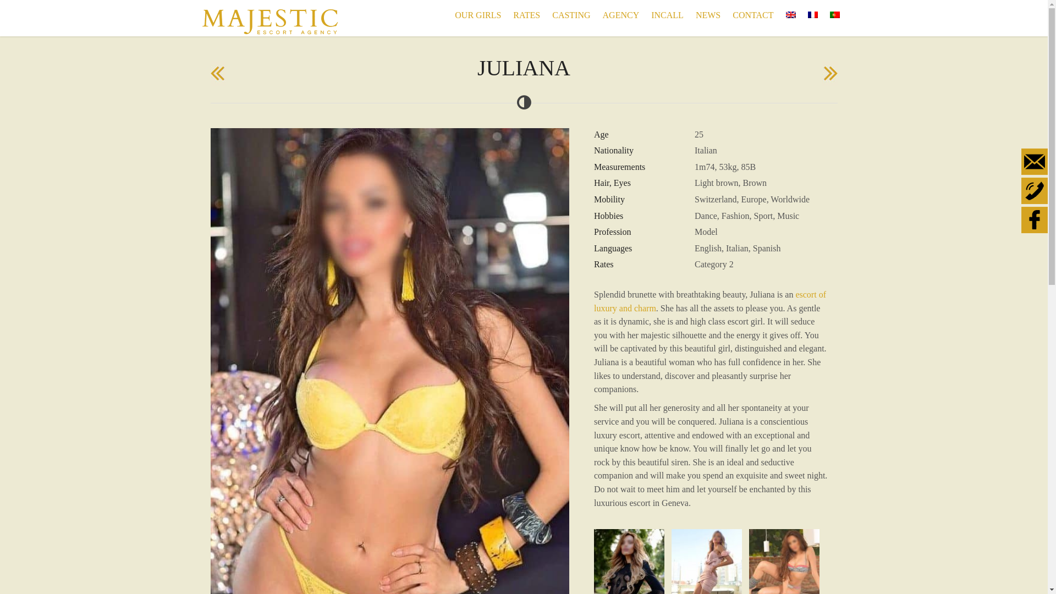 The width and height of the screenshot is (1056, 594). I want to click on 'RATES', so click(526, 15).